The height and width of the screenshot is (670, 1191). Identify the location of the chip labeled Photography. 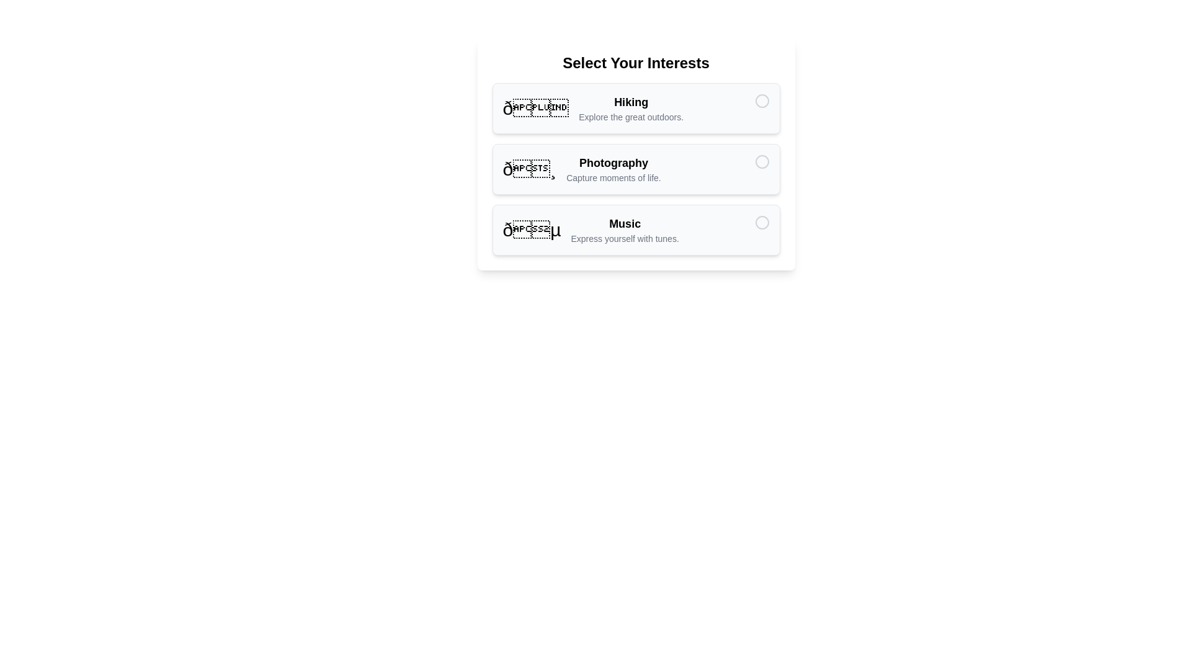
(636, 169).